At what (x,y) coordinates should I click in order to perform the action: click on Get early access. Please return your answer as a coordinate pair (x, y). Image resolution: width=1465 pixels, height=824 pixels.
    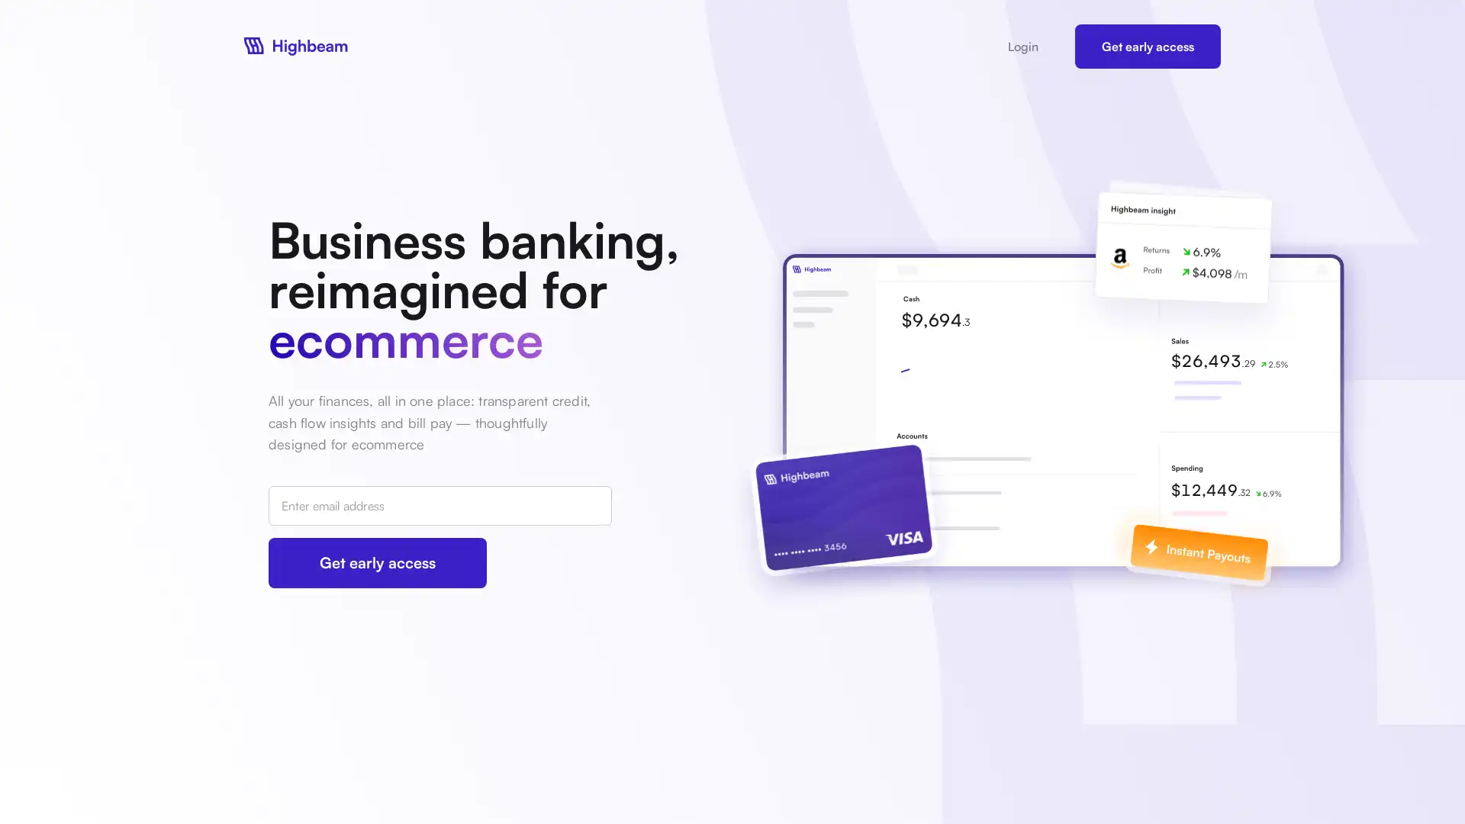
    Looking at the image, I should click on (377, 562).